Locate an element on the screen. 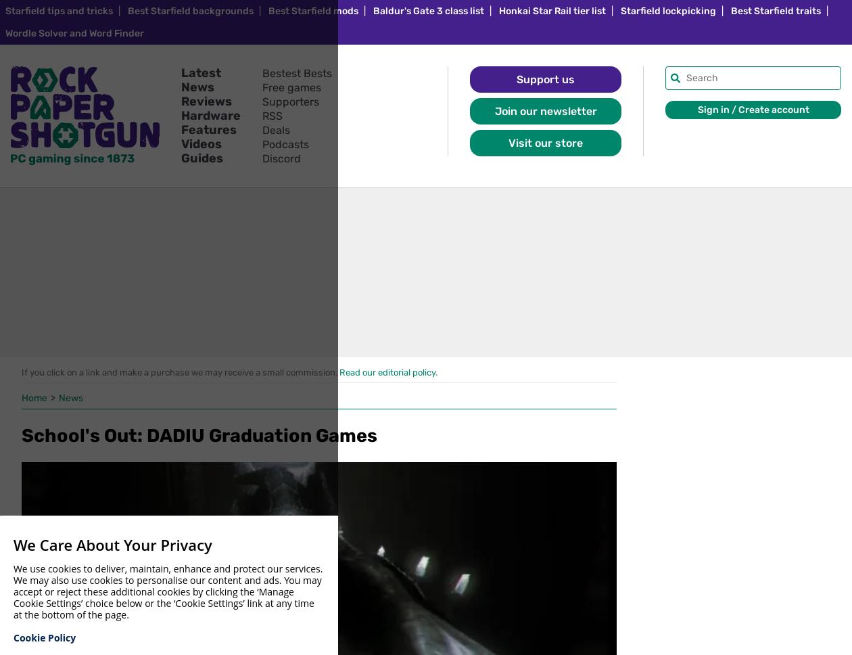  'Support us' is located at coordinates (545, 79).